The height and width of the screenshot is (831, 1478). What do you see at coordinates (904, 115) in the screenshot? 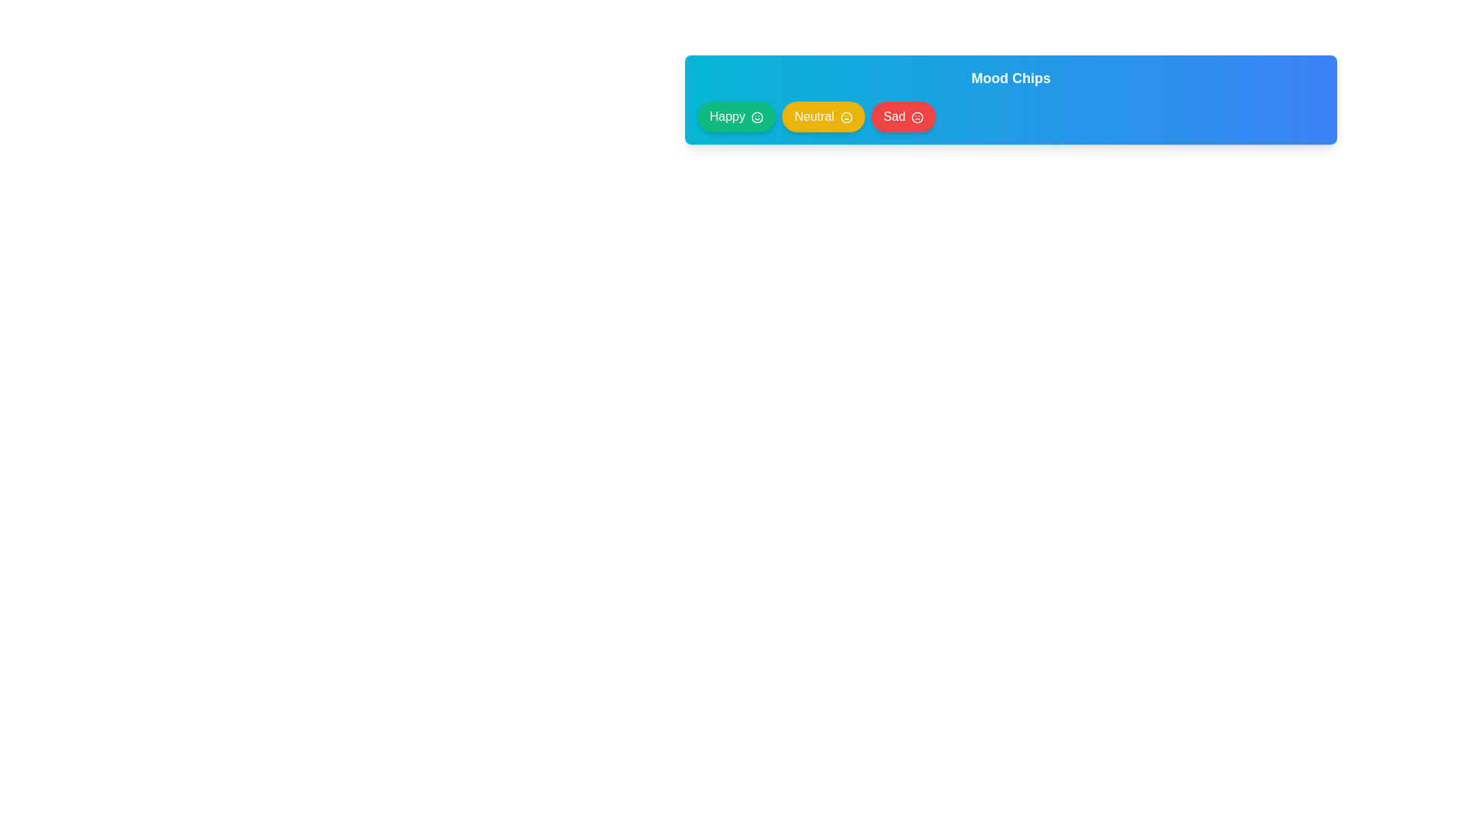
I see `the red rounded rectangle button labeled 'Sad'` at bounding box center [904, 115].